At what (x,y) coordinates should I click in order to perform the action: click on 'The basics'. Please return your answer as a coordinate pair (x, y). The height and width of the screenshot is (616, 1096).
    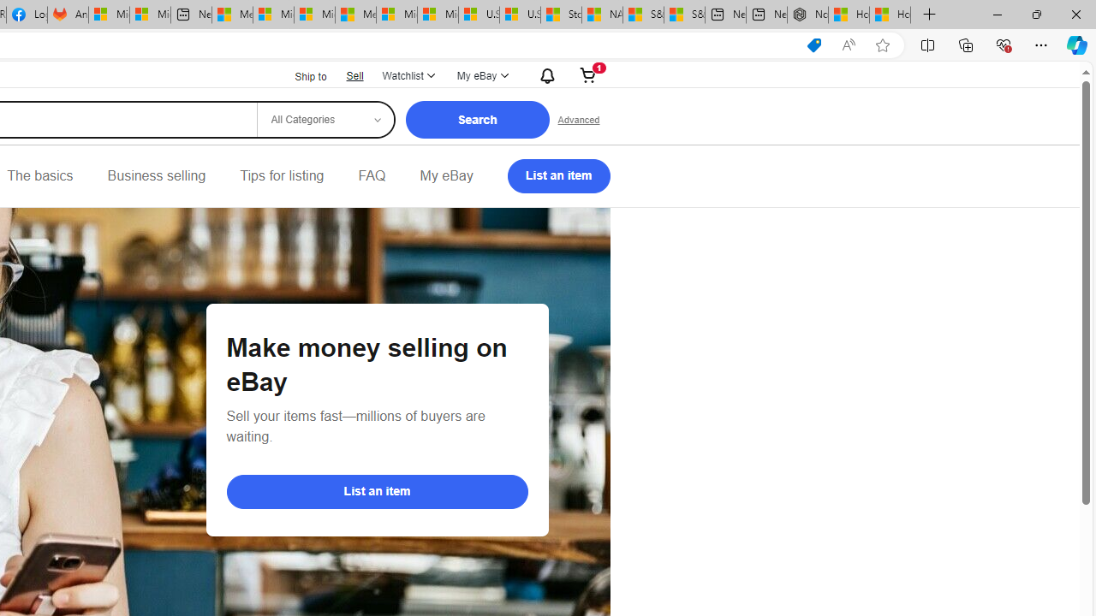
    Looking at the image, I should click on (39, 175).